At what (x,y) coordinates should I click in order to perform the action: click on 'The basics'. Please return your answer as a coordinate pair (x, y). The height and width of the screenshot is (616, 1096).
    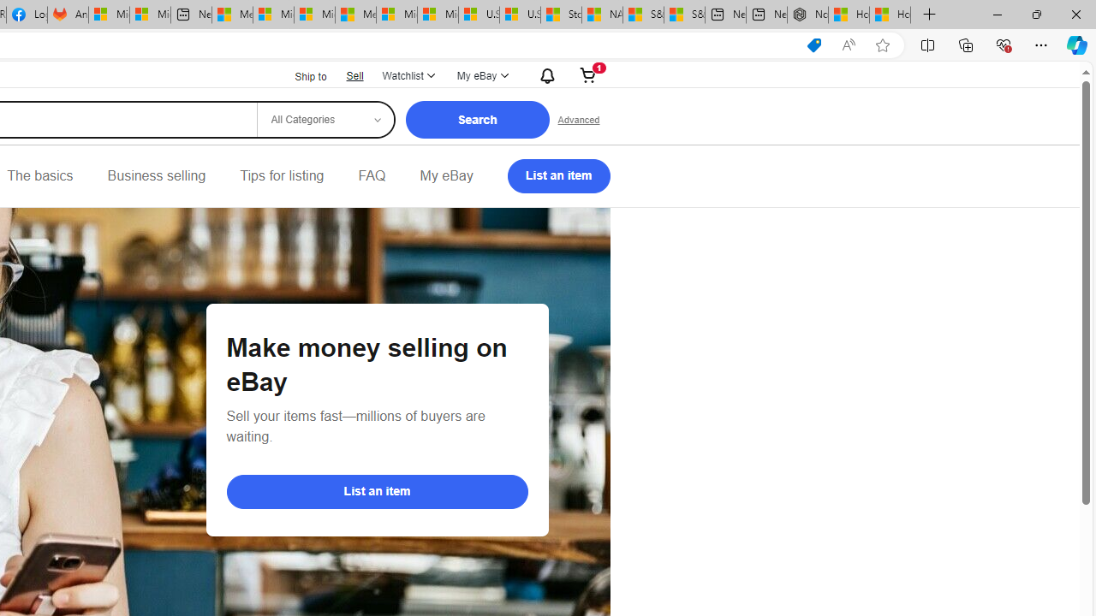
    Looking at the image, I should click on (39, 175).